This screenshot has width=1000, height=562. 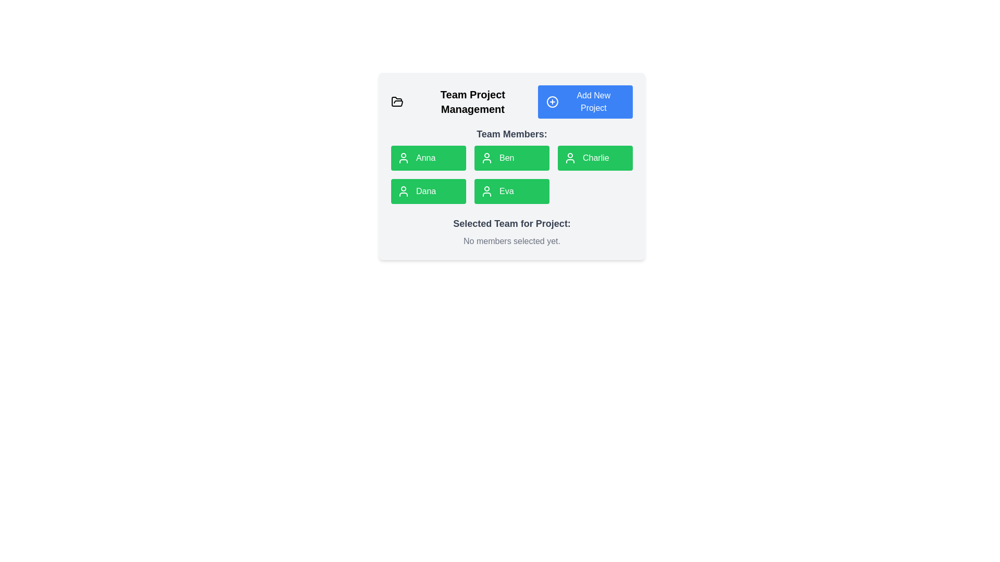 I want to click on the 'Add New Project' button represented by a circle outline with a plus icon located in the top-right section of the 'Team Project Management' interface, so click(x=552, y=102).